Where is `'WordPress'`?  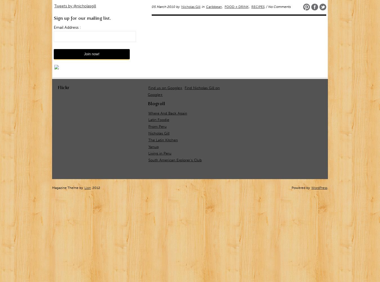
'WordPress' is located at coordinates (319, 188).